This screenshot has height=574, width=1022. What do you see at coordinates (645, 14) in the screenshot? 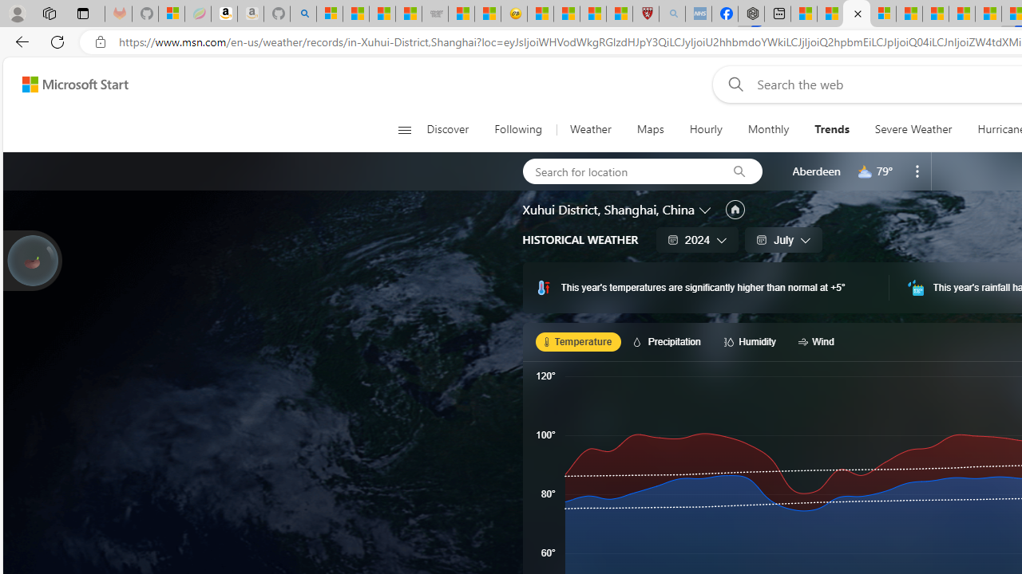
I see `'Robert H. Shmerling, MD - Harvard Health'` at bounding box center [645, 14].